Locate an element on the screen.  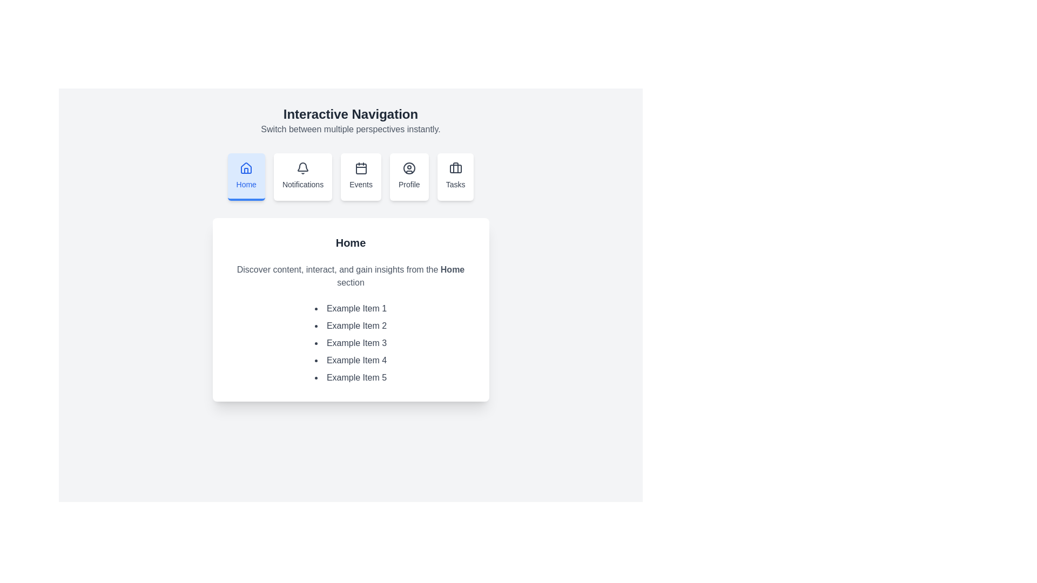
the 'Events' navigation button, which is the third item in the top central section of the navigation bar, positioned between the 'Notifications' and 'Profile' buttons is located at coordinates (361, 176).